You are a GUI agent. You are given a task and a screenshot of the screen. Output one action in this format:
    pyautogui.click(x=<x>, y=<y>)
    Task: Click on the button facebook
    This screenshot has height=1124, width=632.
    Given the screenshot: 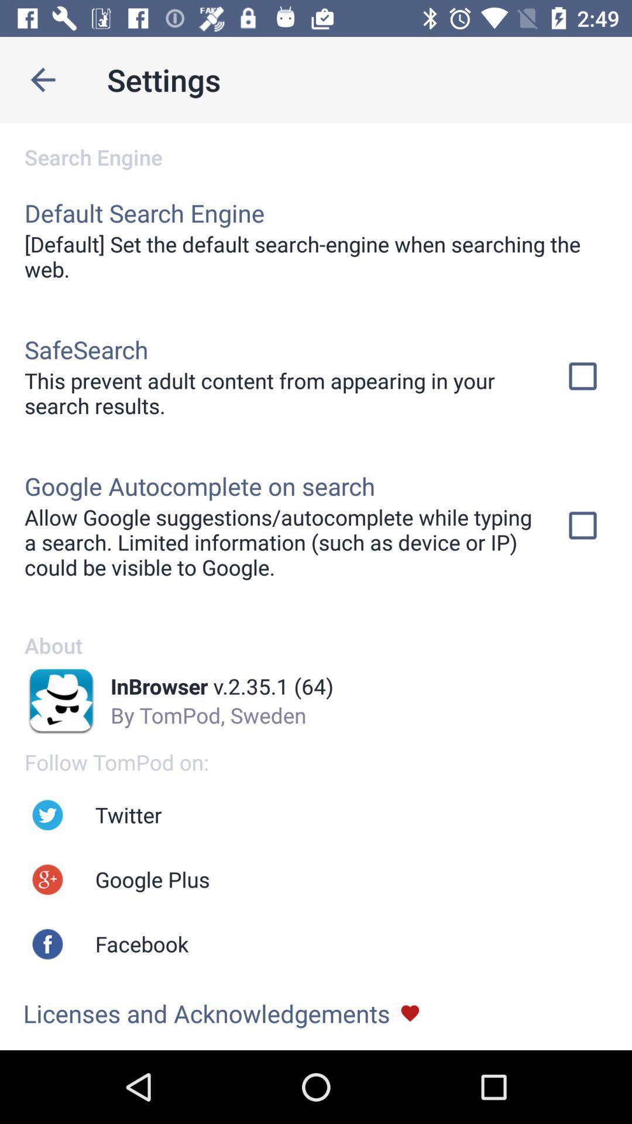 What is the action you would take?
    pyautogui.click(x=47, y=944)
    